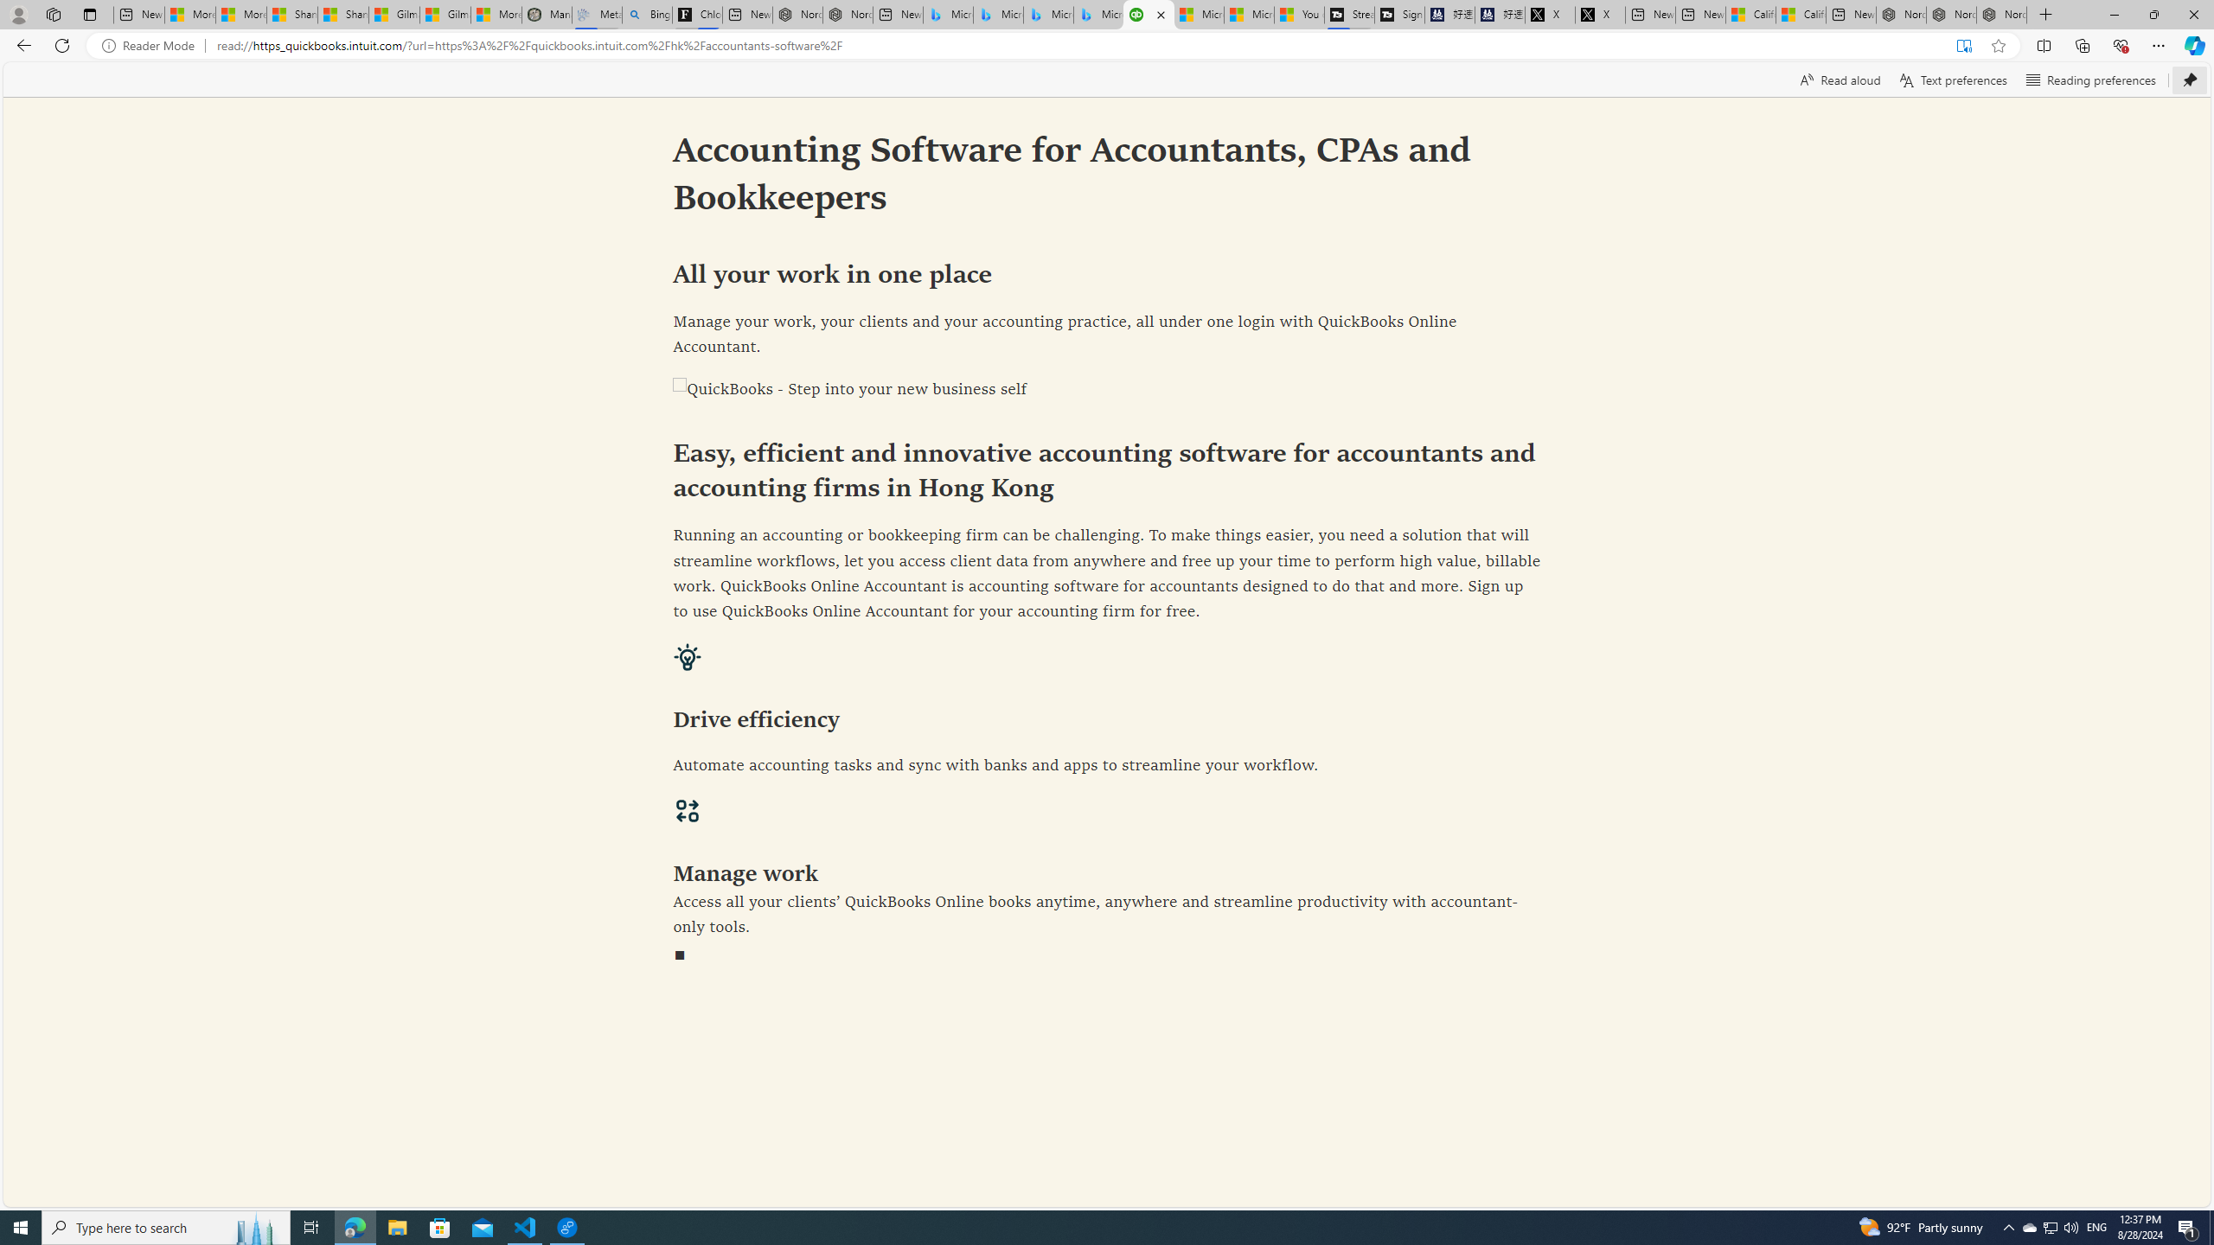 This screenshot has height=1245, width=2214. What do you see at coordinates (1840, 79) in the screenshot?
I see `'Read aloud'` at bounding box center [1840, 79].